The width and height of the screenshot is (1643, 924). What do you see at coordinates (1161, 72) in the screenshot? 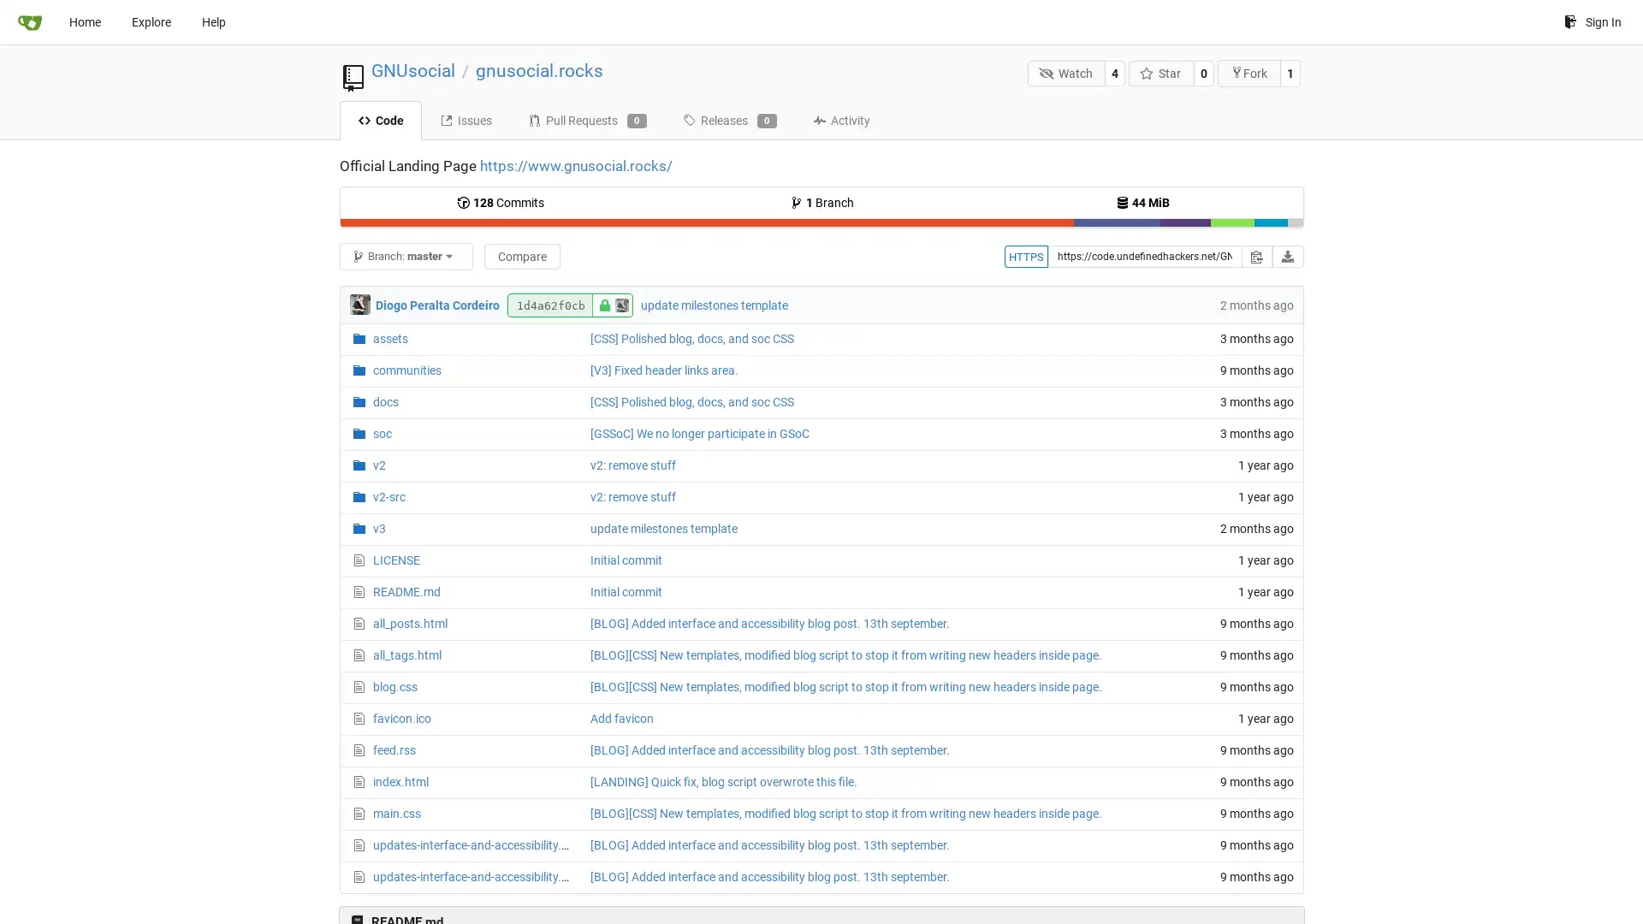
I see `Star` at bounding box center [1161, 72].